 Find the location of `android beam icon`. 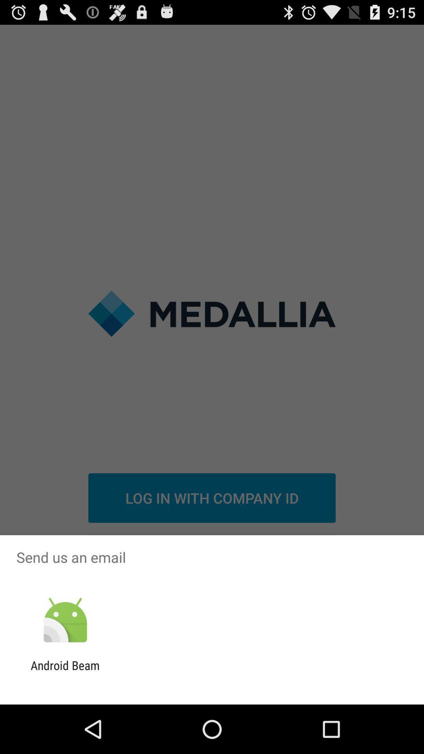

android beam icon is located at coordinates (65, 672).